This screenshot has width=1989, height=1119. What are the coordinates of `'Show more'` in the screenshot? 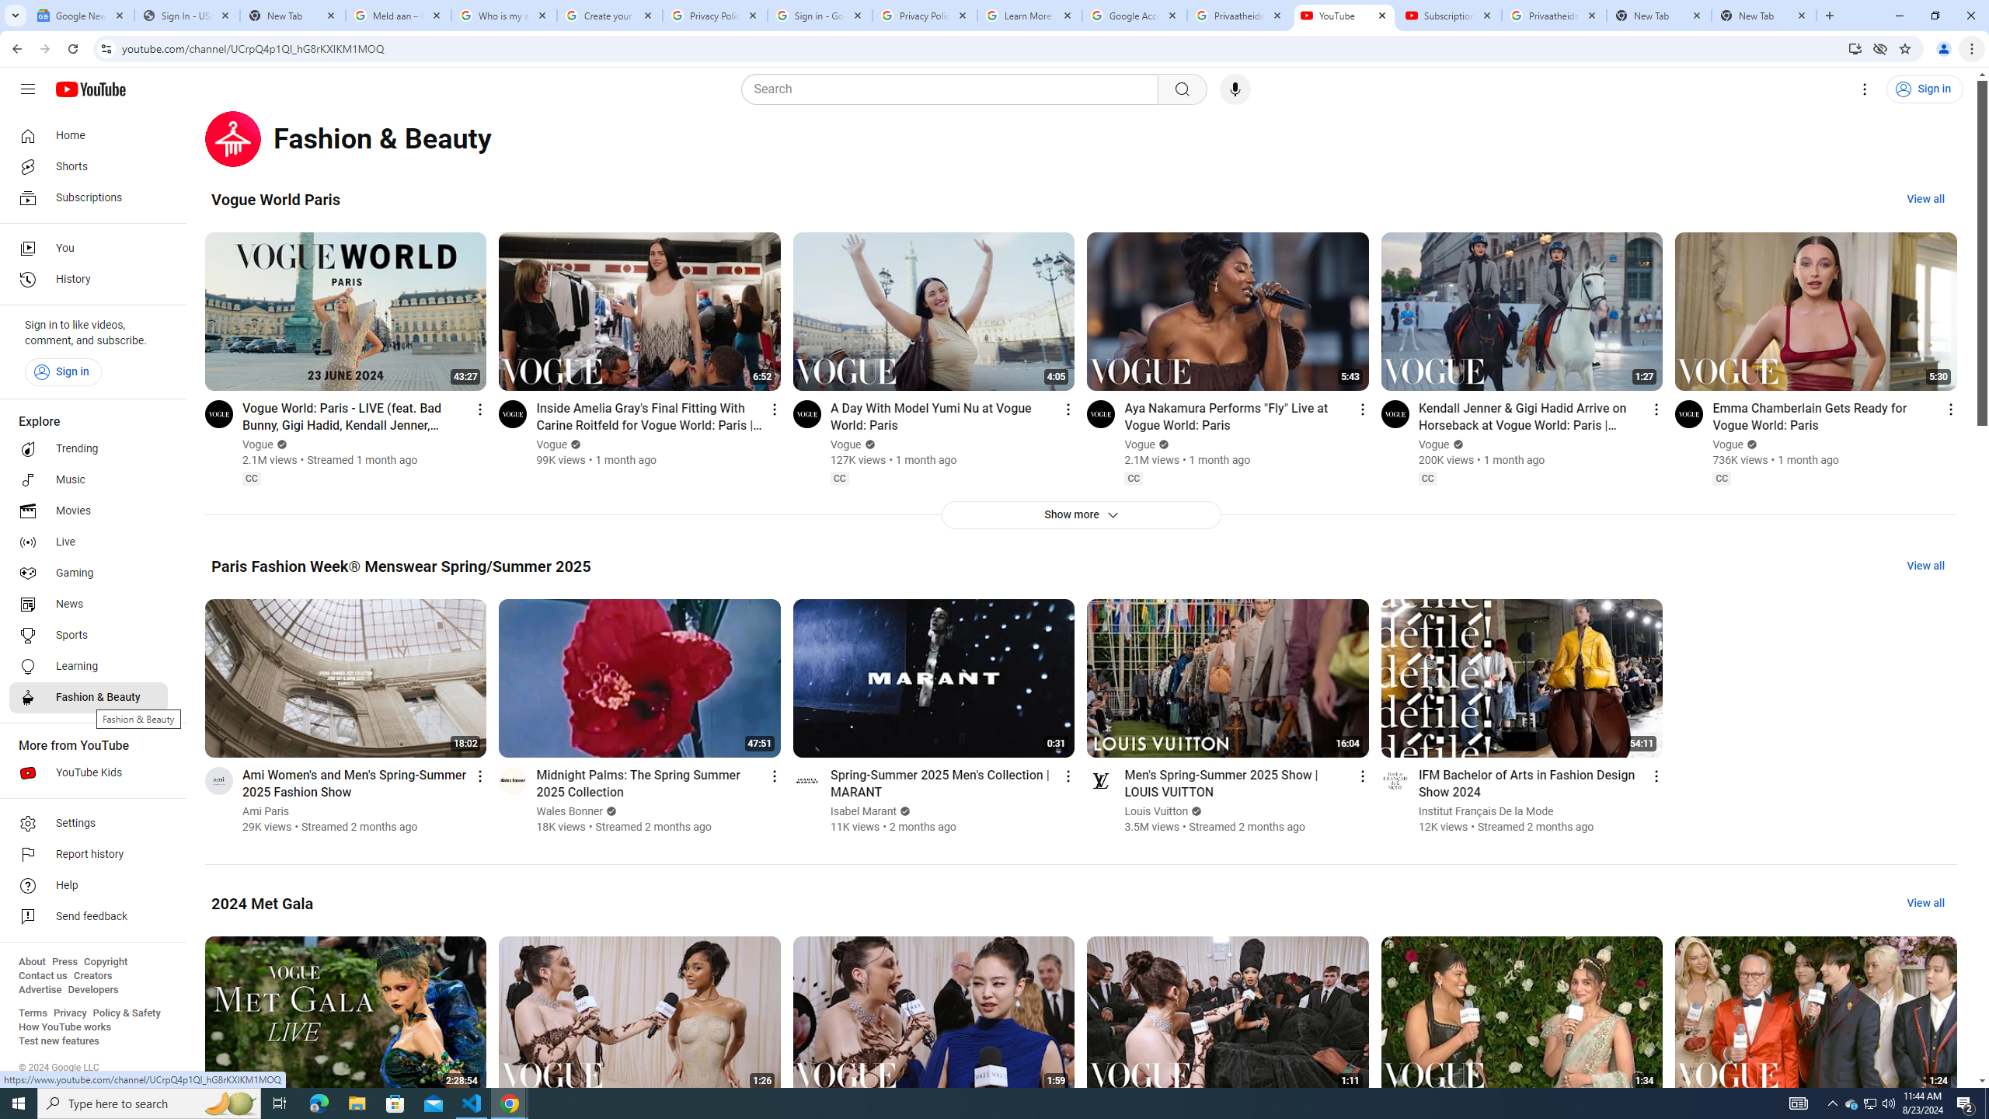 It's located at (1080, 514).